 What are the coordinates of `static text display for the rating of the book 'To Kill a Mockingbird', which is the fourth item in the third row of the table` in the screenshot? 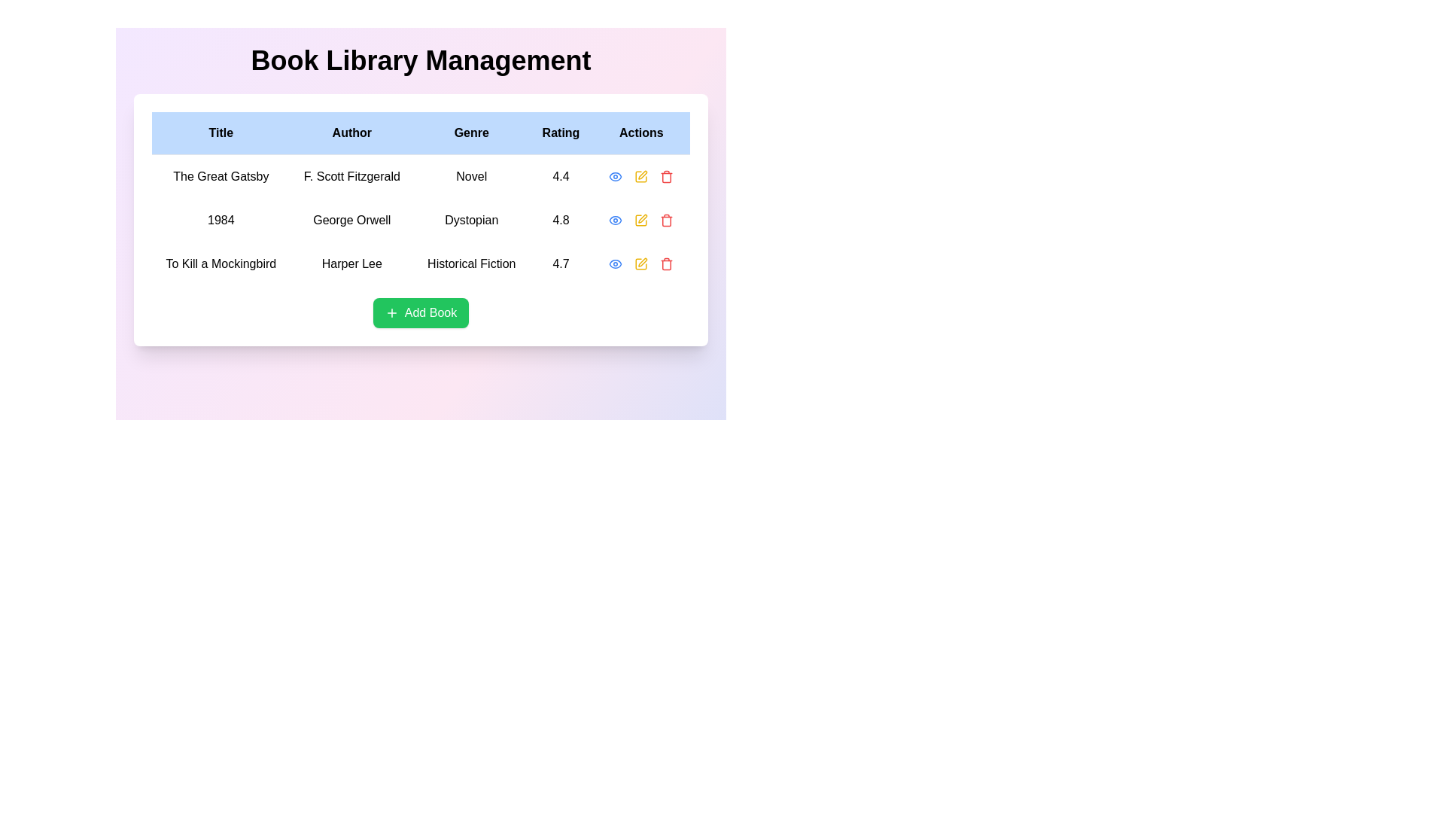 It's located at (560, 263).